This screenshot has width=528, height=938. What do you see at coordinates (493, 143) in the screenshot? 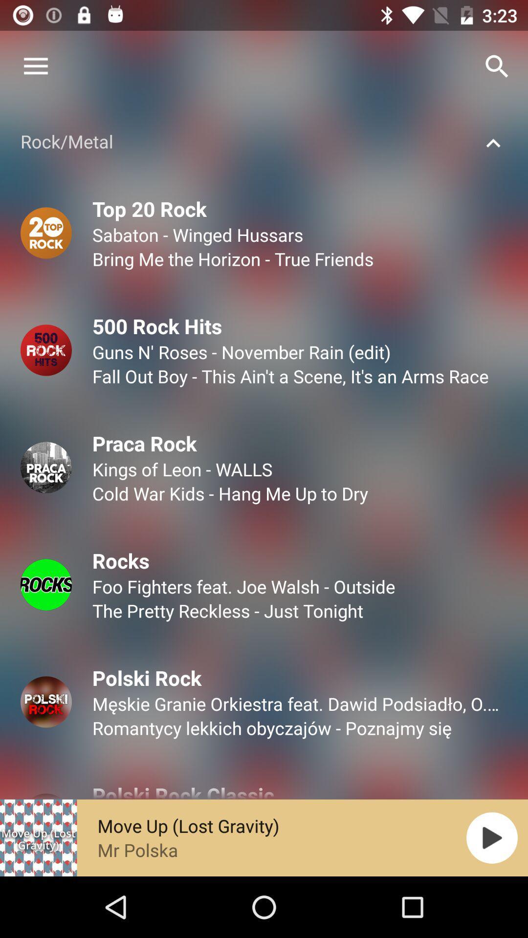
I see `icon right to rockmetal text` at bounding box center [493, 143].